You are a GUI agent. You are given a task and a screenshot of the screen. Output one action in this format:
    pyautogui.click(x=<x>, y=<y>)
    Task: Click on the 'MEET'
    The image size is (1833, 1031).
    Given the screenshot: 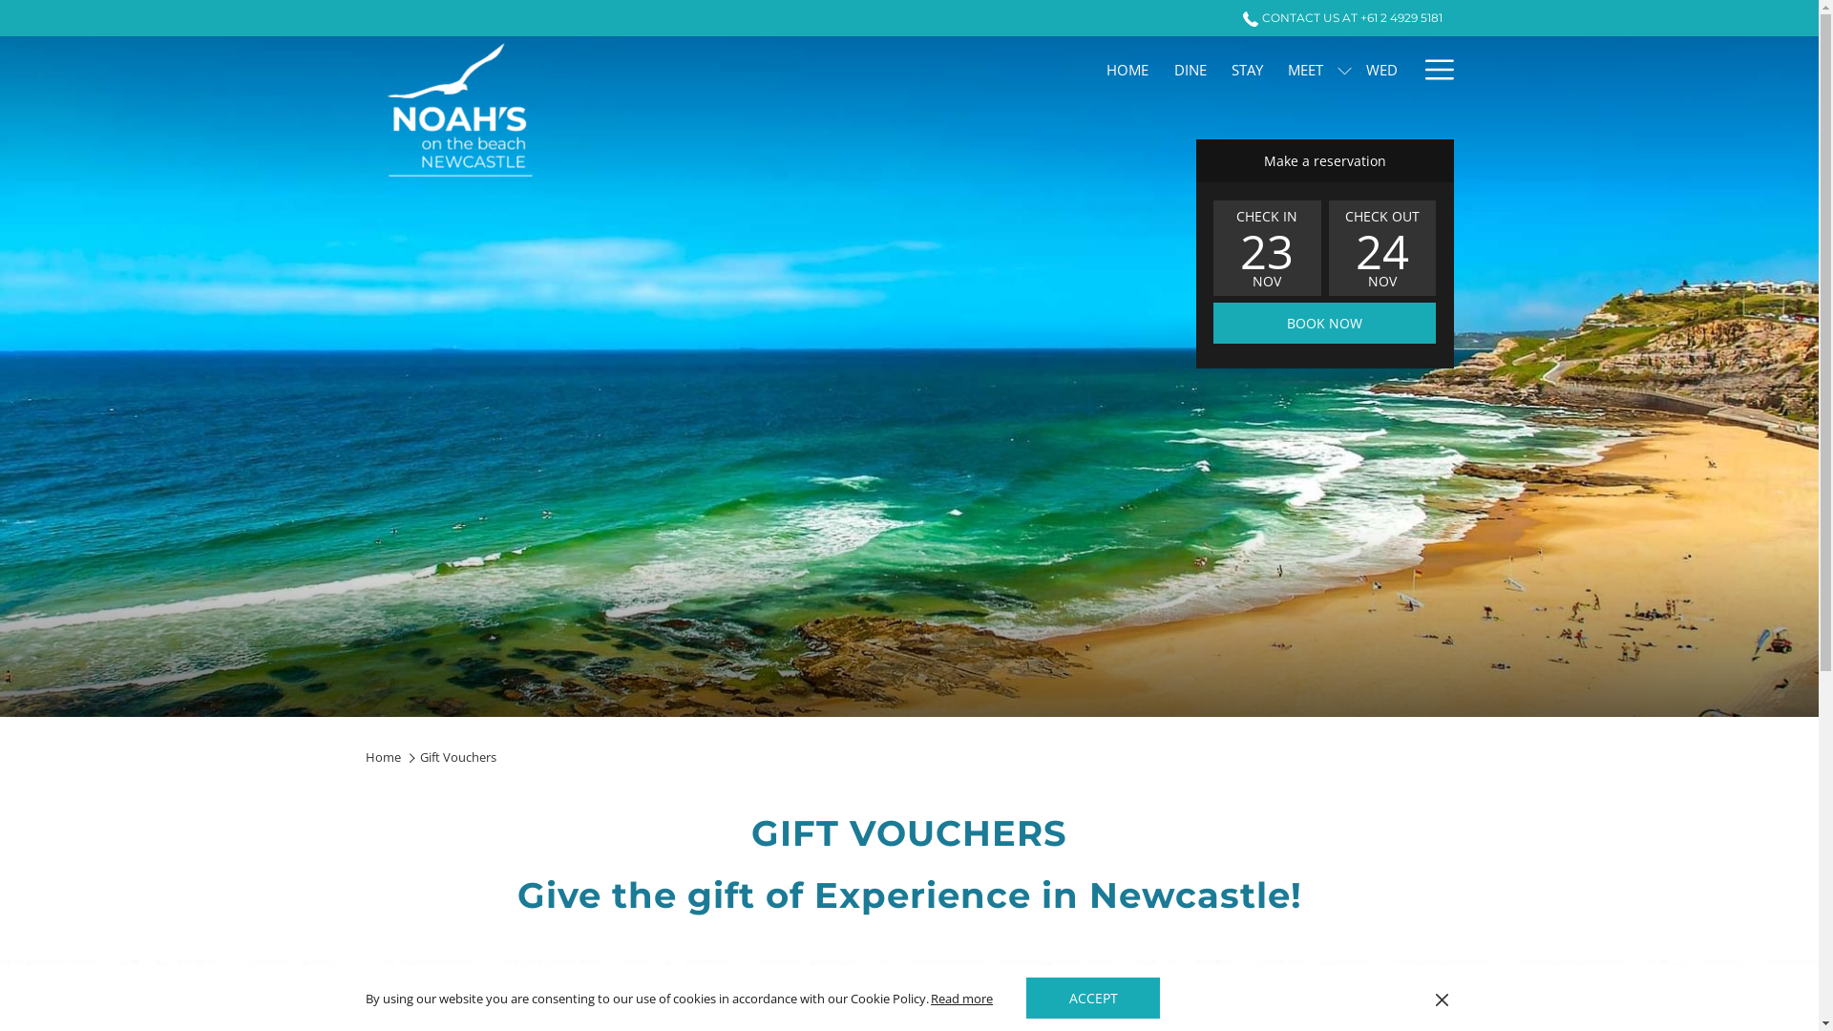 What is the action you would take?
    pyautogui.click(x=1304, y=68)
    